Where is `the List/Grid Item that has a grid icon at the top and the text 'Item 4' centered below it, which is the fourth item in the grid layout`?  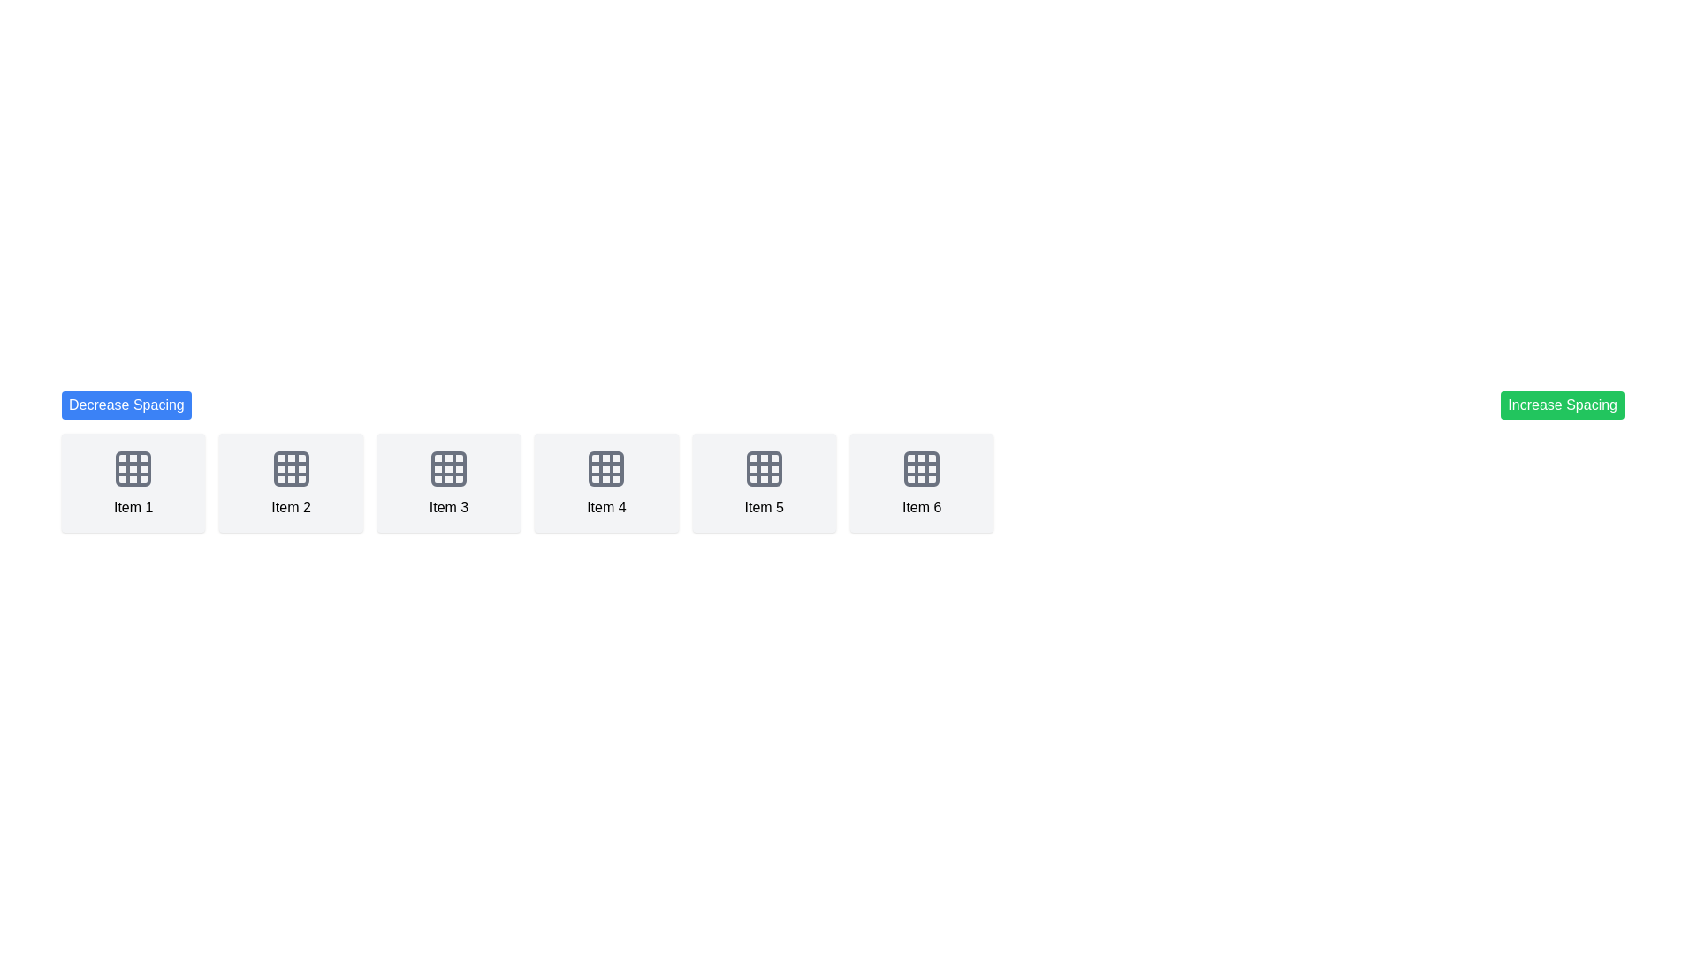
the List/Grid Item that has a grid icon at the top and the text 'Item 4' centered below it, which is the fourth item in the grid layout is located at coordinates (606, 483).